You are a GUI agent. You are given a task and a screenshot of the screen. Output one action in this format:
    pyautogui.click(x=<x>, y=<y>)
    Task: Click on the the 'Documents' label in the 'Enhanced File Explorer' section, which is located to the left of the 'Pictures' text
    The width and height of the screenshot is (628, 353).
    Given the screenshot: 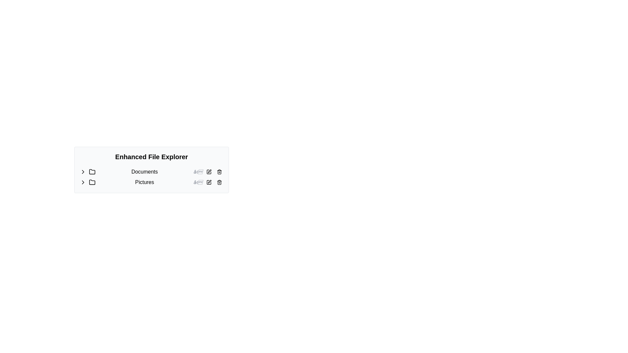 What is the action you would take?
    pyautogui.click(x=151, y=171)
    